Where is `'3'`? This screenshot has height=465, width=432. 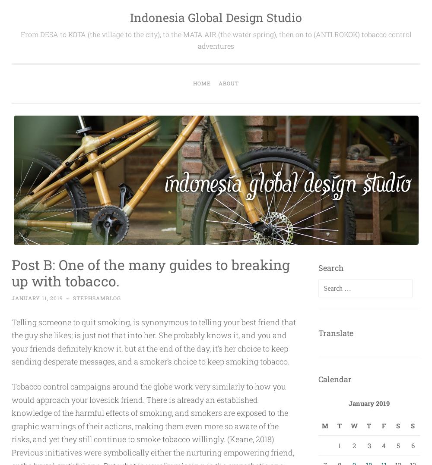 '3' is located at coordinates (368, 444).